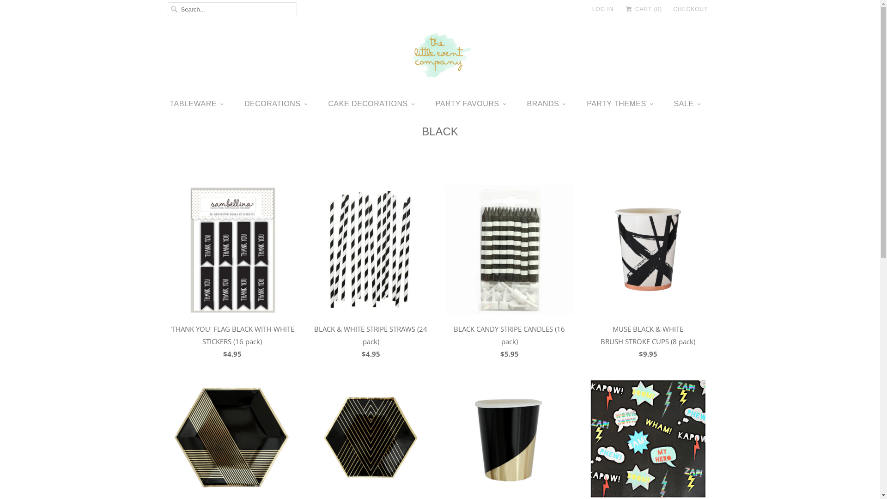  I want to click on 'TABLEWARE', so click(196, 104).